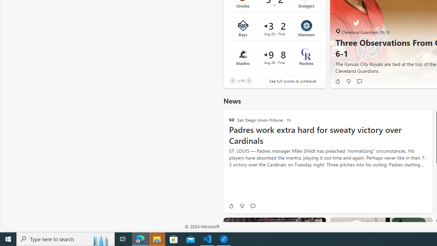  I want to click on 'Marlins 9 vs Rockies 8Final Date Aug 28', so click(274, 57).